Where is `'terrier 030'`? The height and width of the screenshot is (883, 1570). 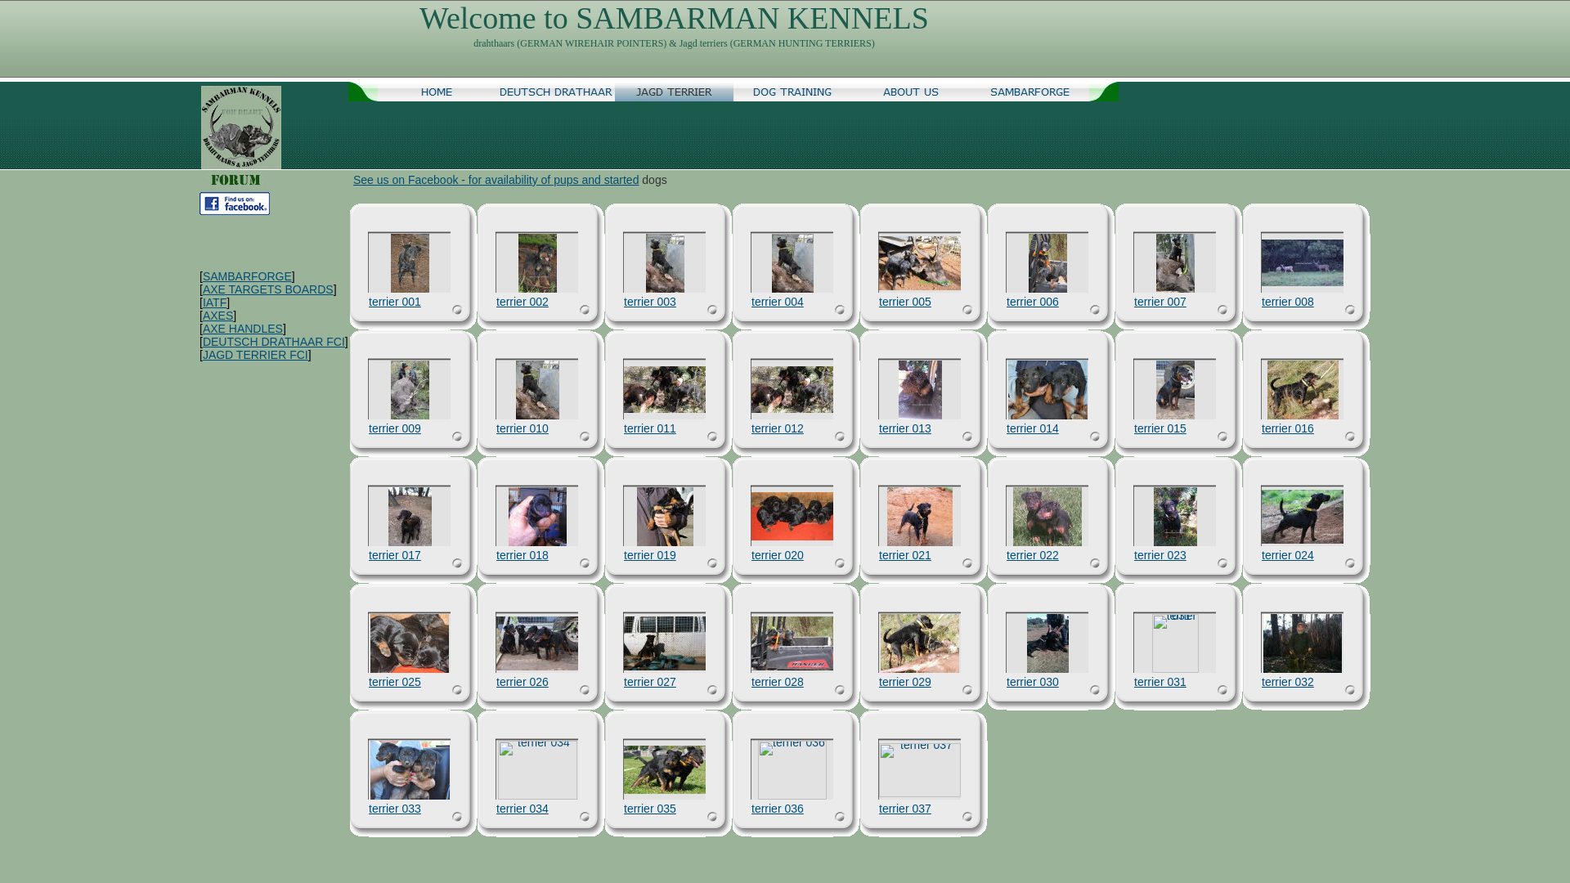
'terrier 030' is located at coordinates (1026, 642).